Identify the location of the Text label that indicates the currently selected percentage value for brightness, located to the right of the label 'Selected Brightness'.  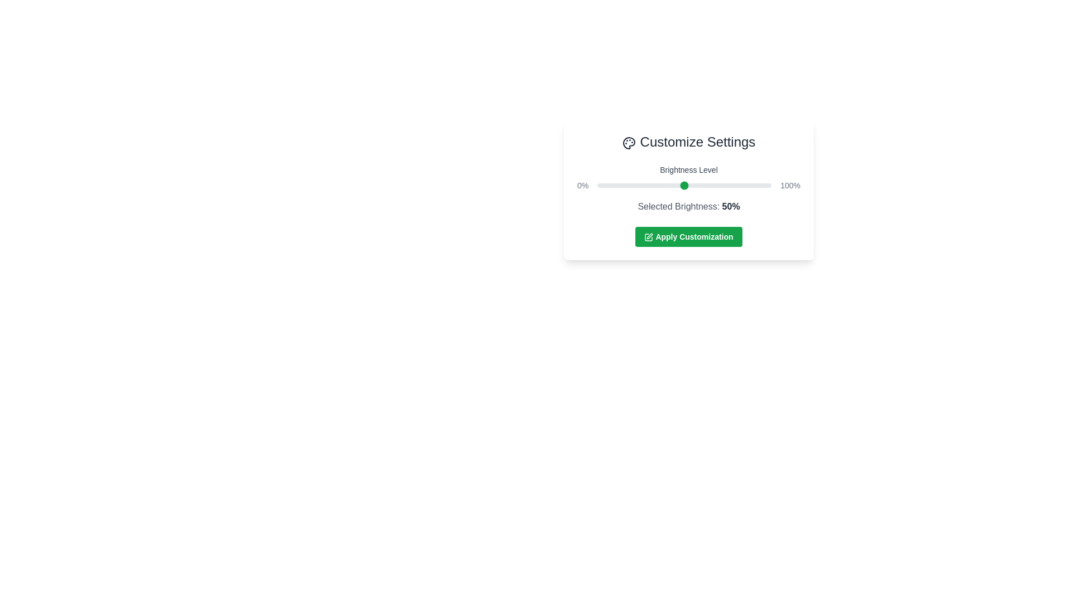
(731, 206).